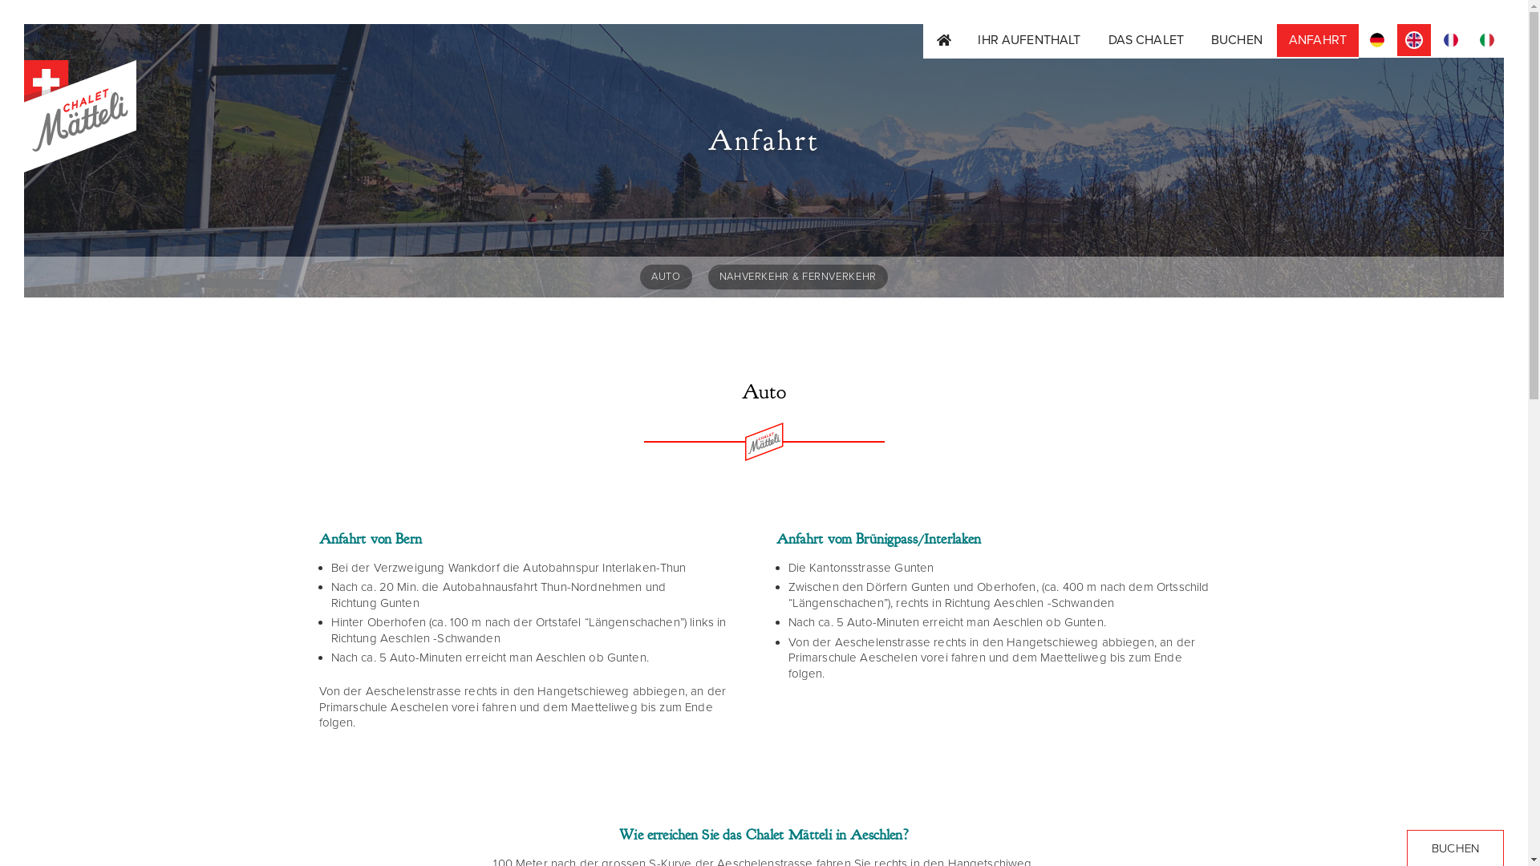  Describe the element at coordinates (1235, 40) in the screenshot. I see `'BUCHEN'` at that location.